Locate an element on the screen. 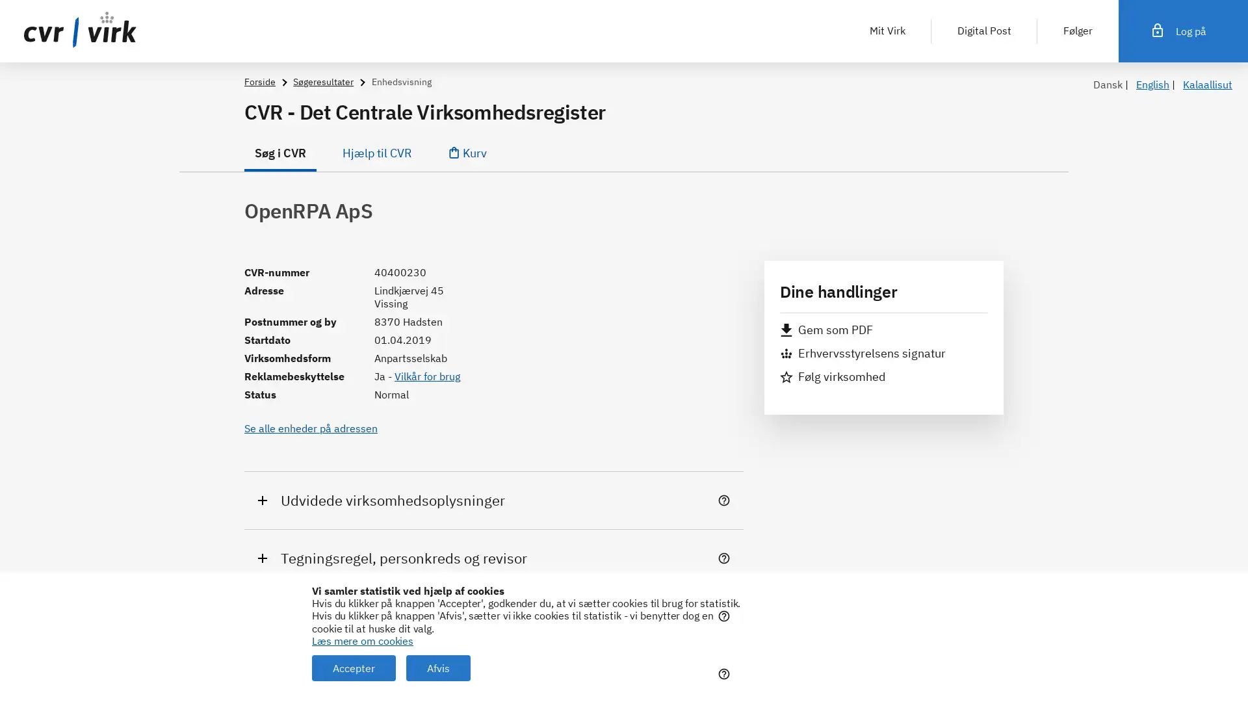  Dansk is located at coordinates (1107, 84).